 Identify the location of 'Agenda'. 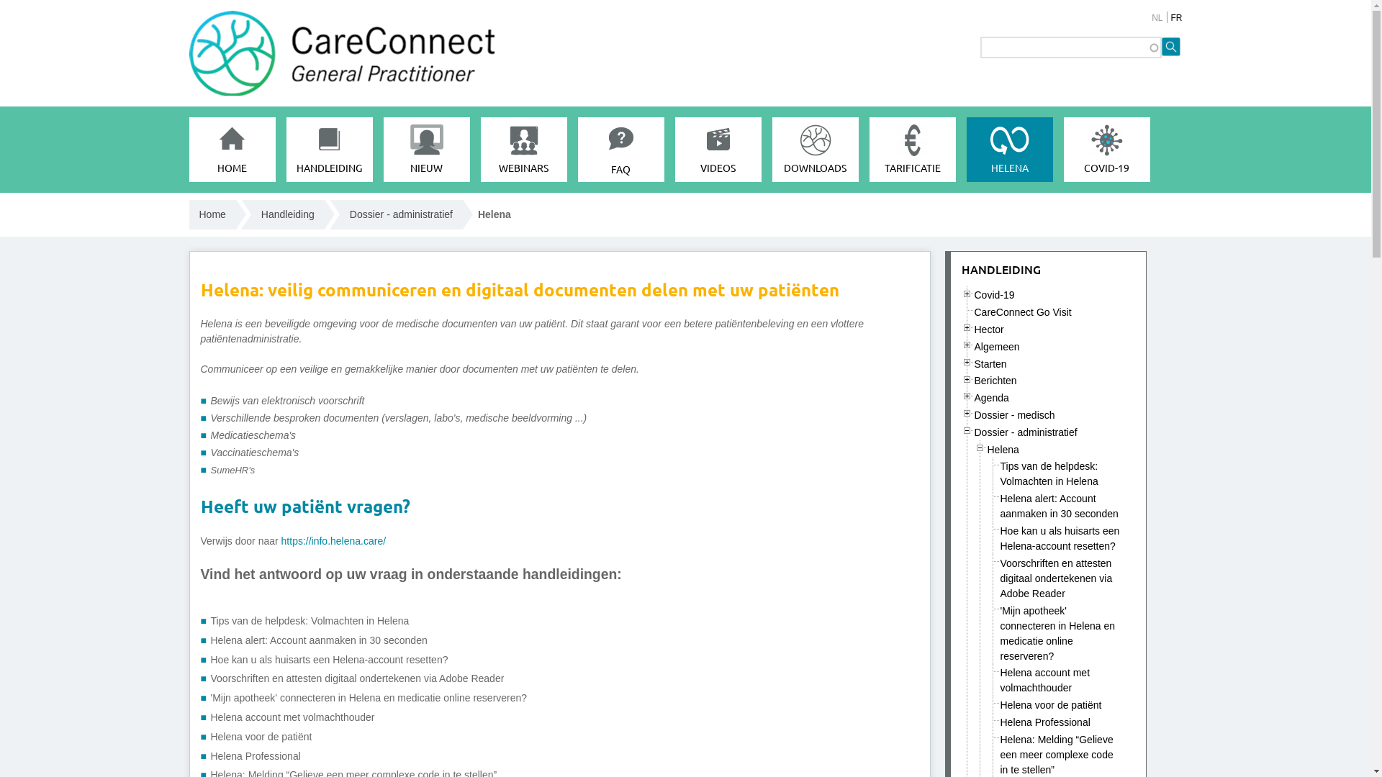
(990, 397).